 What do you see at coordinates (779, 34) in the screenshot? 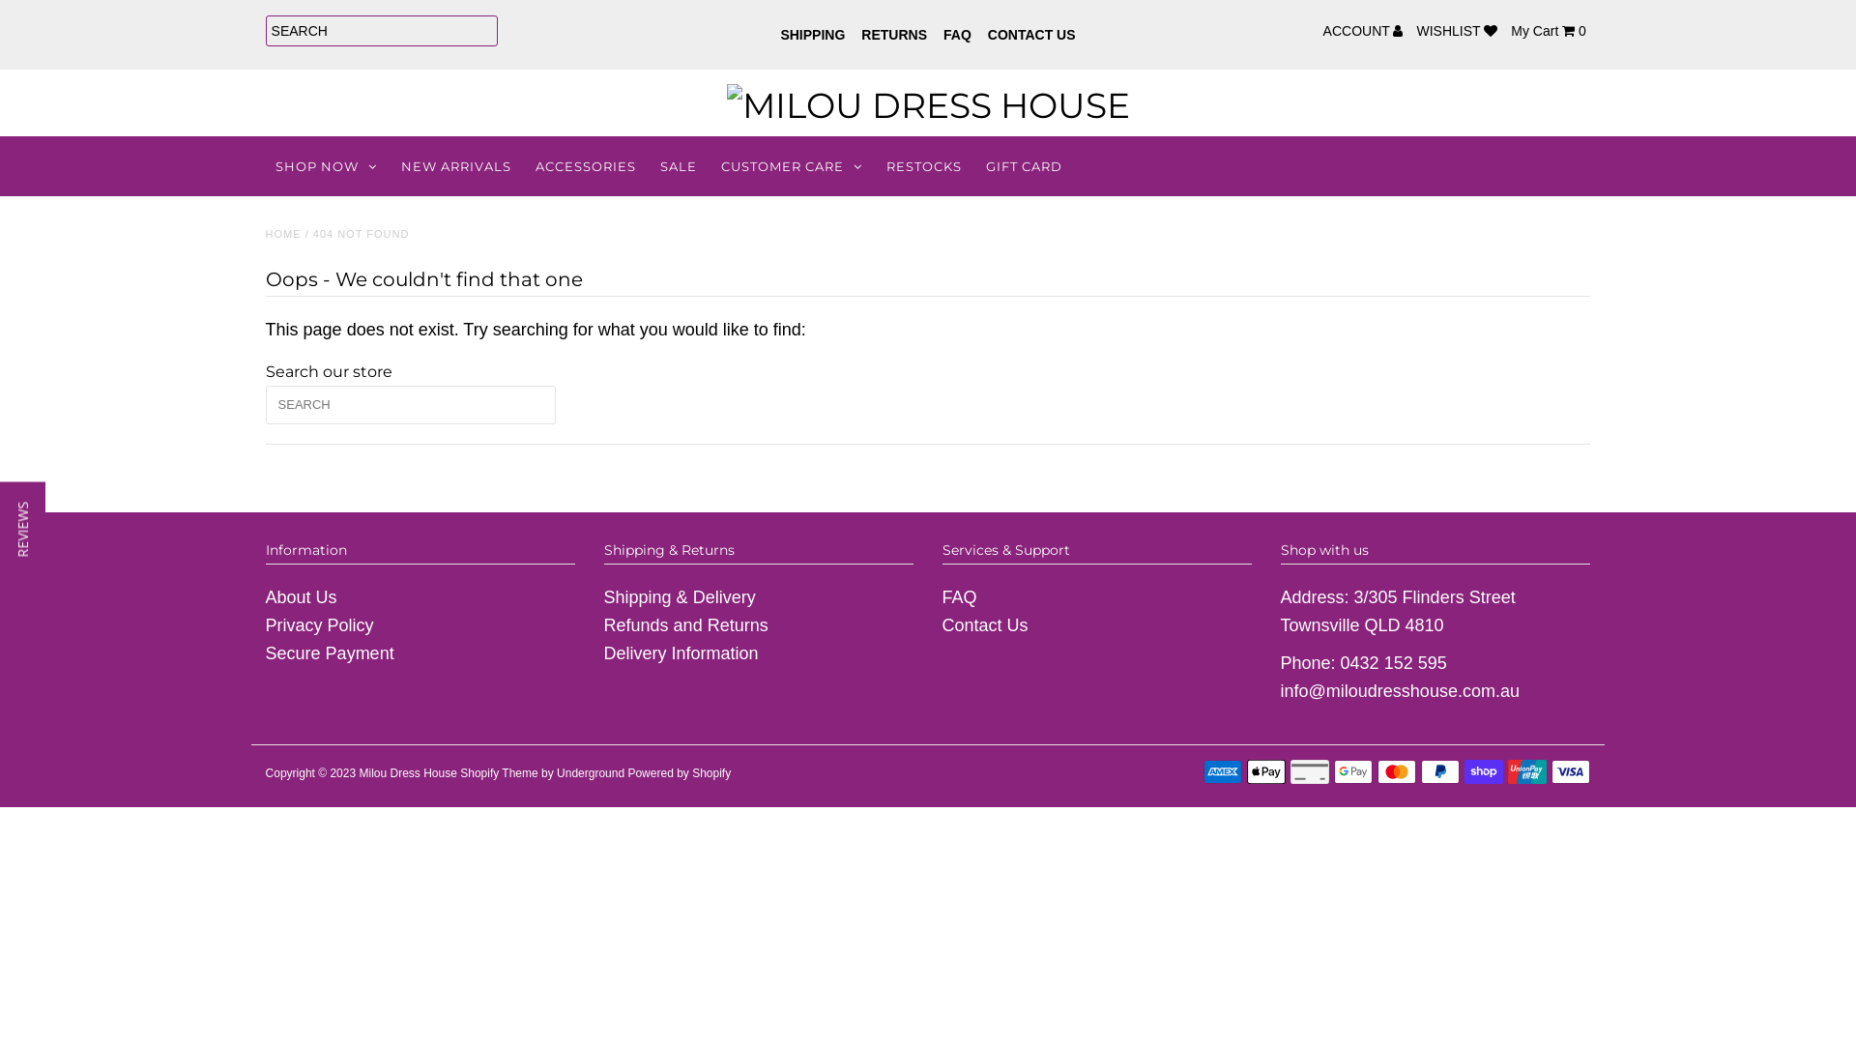
I see `'SHIPPING'` at bounding box center [779, 34].